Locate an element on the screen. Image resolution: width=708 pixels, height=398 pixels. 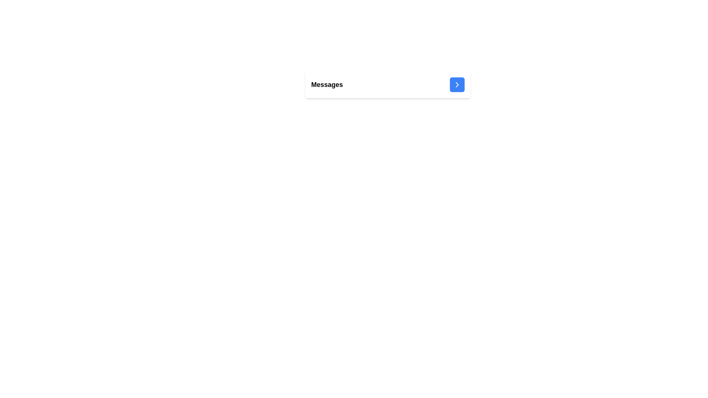
the Chevron-Right icon, which is an arrow shape located in the far-right section of a notification area, aligned centrally with the vertical axis is located at coordinates (457, 84).